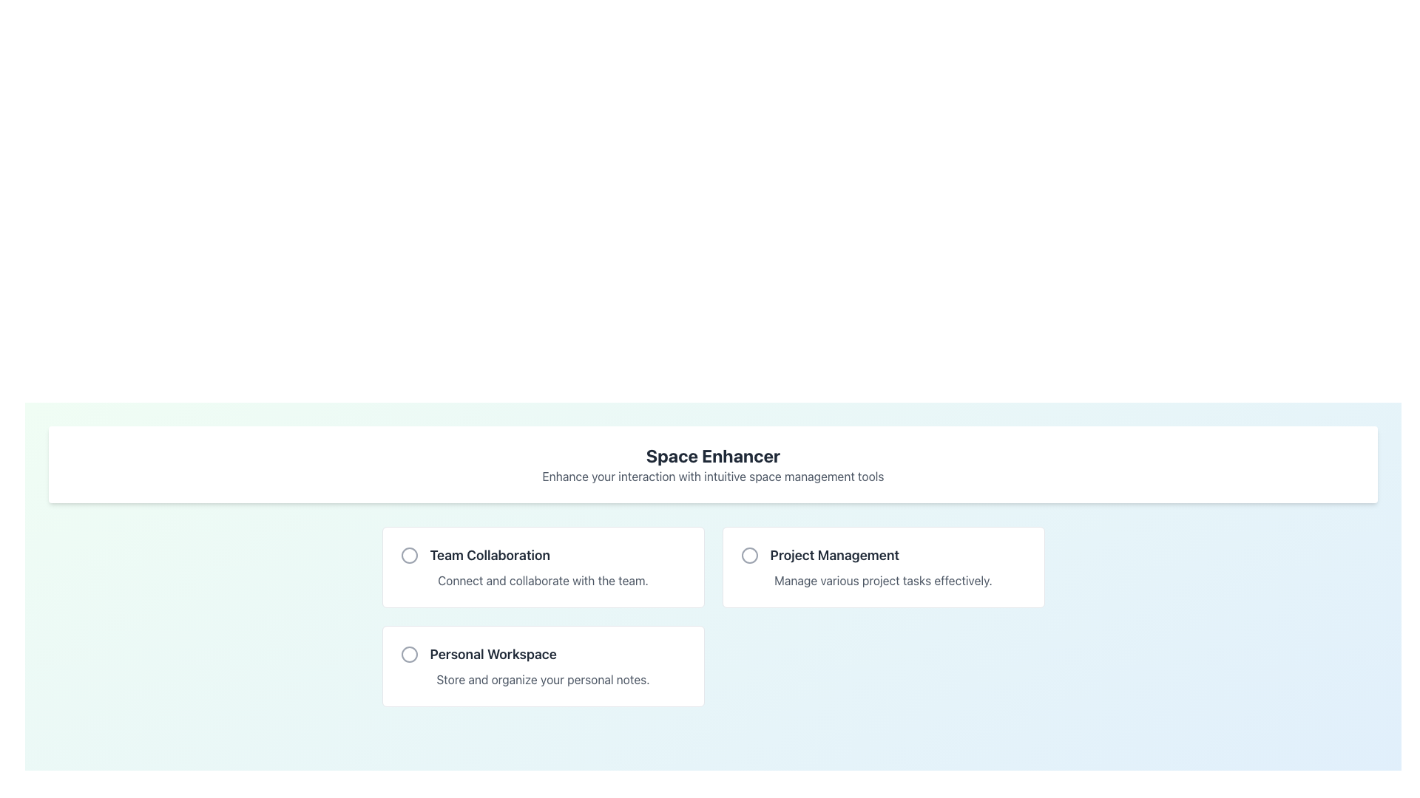  What do you see at coordinates (409, 654) in the screenshot?
I see `the circular icon with a gray outline located under the 'Space Enhancer' title, to the left of the 'Personal Workspace' text for interaction` at bounding box center [409, 654].